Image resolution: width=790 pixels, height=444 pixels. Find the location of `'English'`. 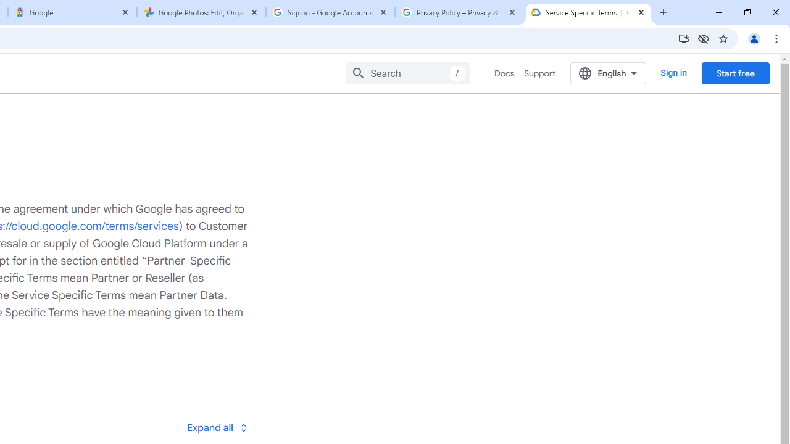

'English' is located at coordinates (608, 73).